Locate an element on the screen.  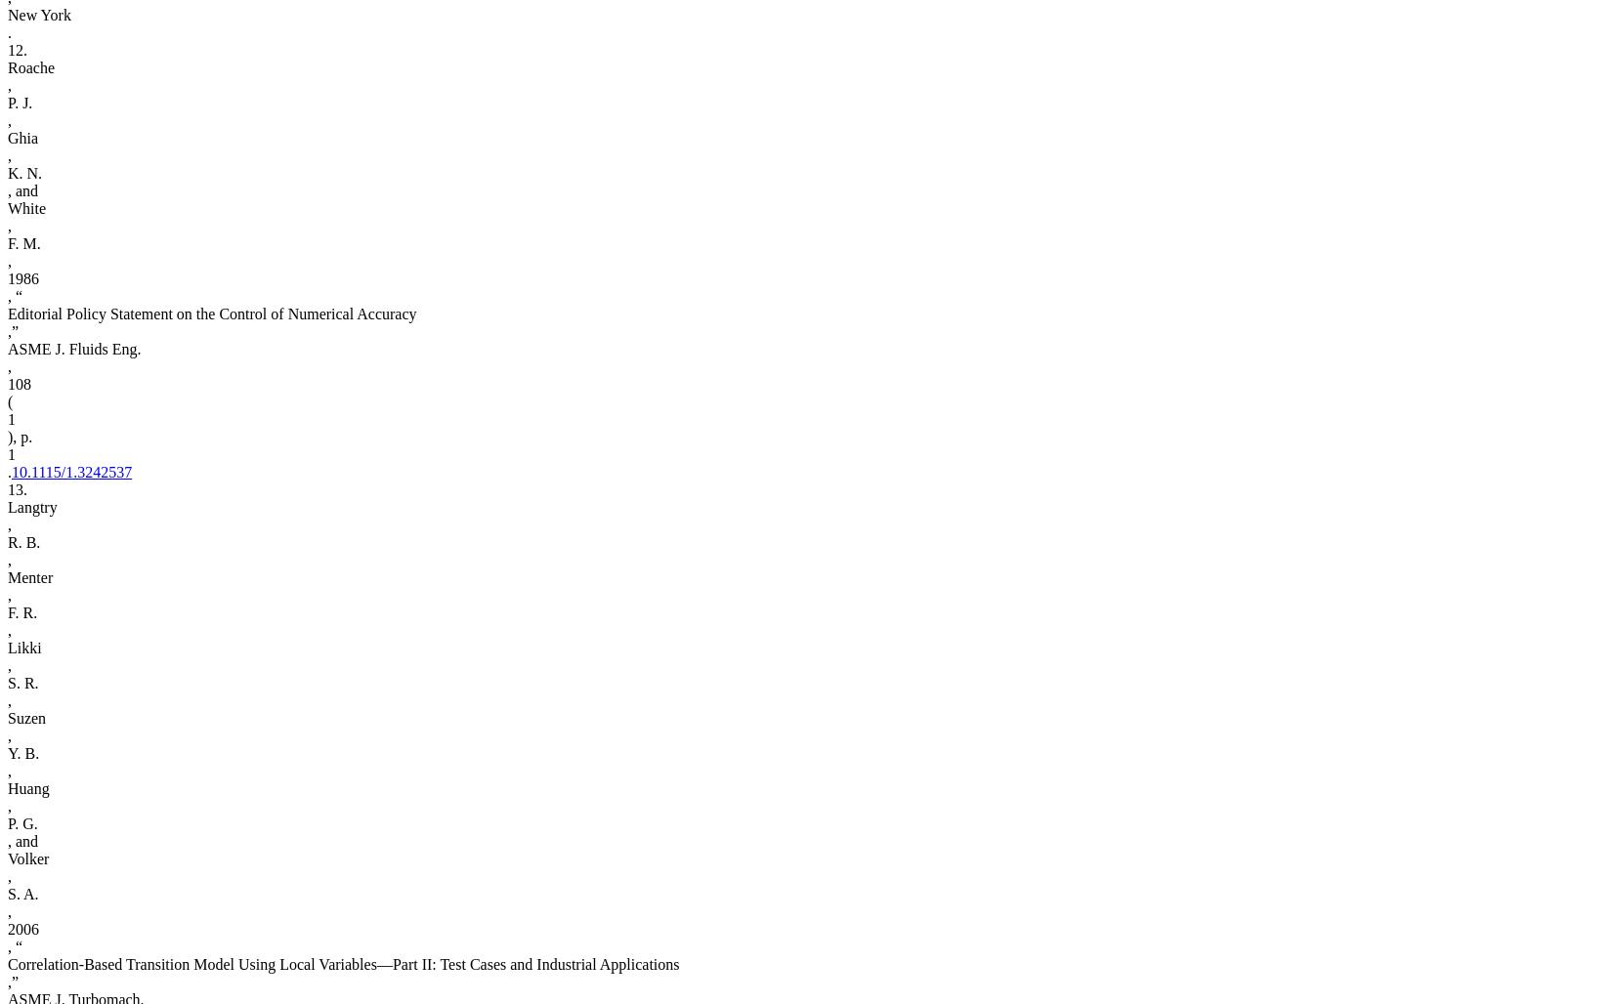
'Menter' is located at coordinates (6, 576).